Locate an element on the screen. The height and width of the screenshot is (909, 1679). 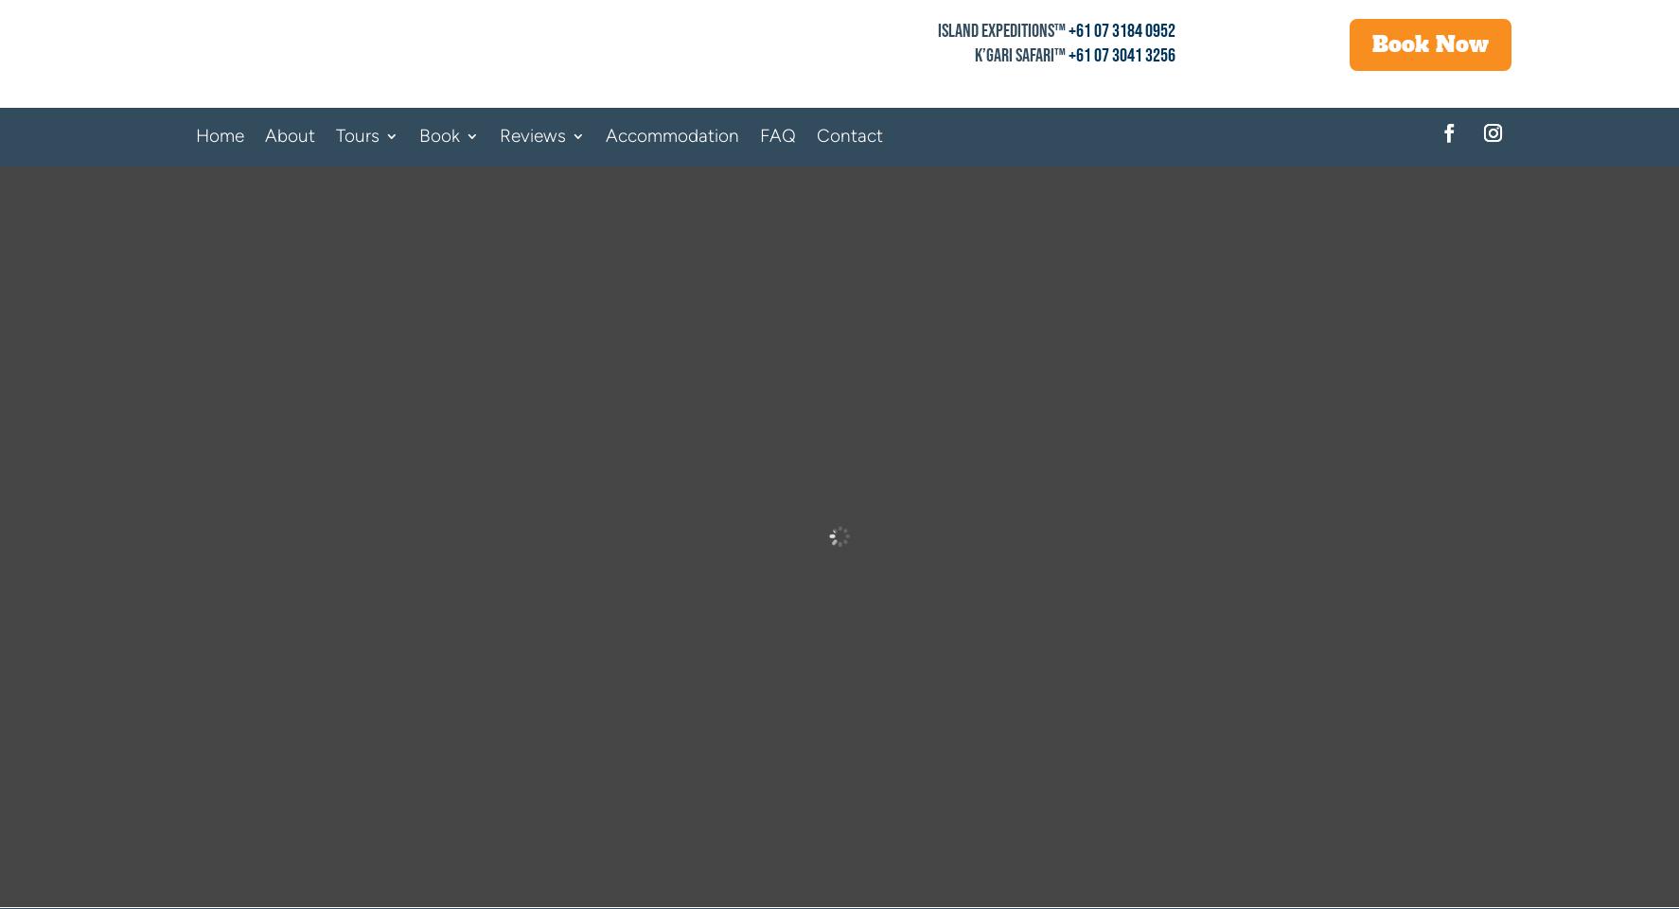
'+61 07 3041 3256' is located at coordinates (1121, 56).